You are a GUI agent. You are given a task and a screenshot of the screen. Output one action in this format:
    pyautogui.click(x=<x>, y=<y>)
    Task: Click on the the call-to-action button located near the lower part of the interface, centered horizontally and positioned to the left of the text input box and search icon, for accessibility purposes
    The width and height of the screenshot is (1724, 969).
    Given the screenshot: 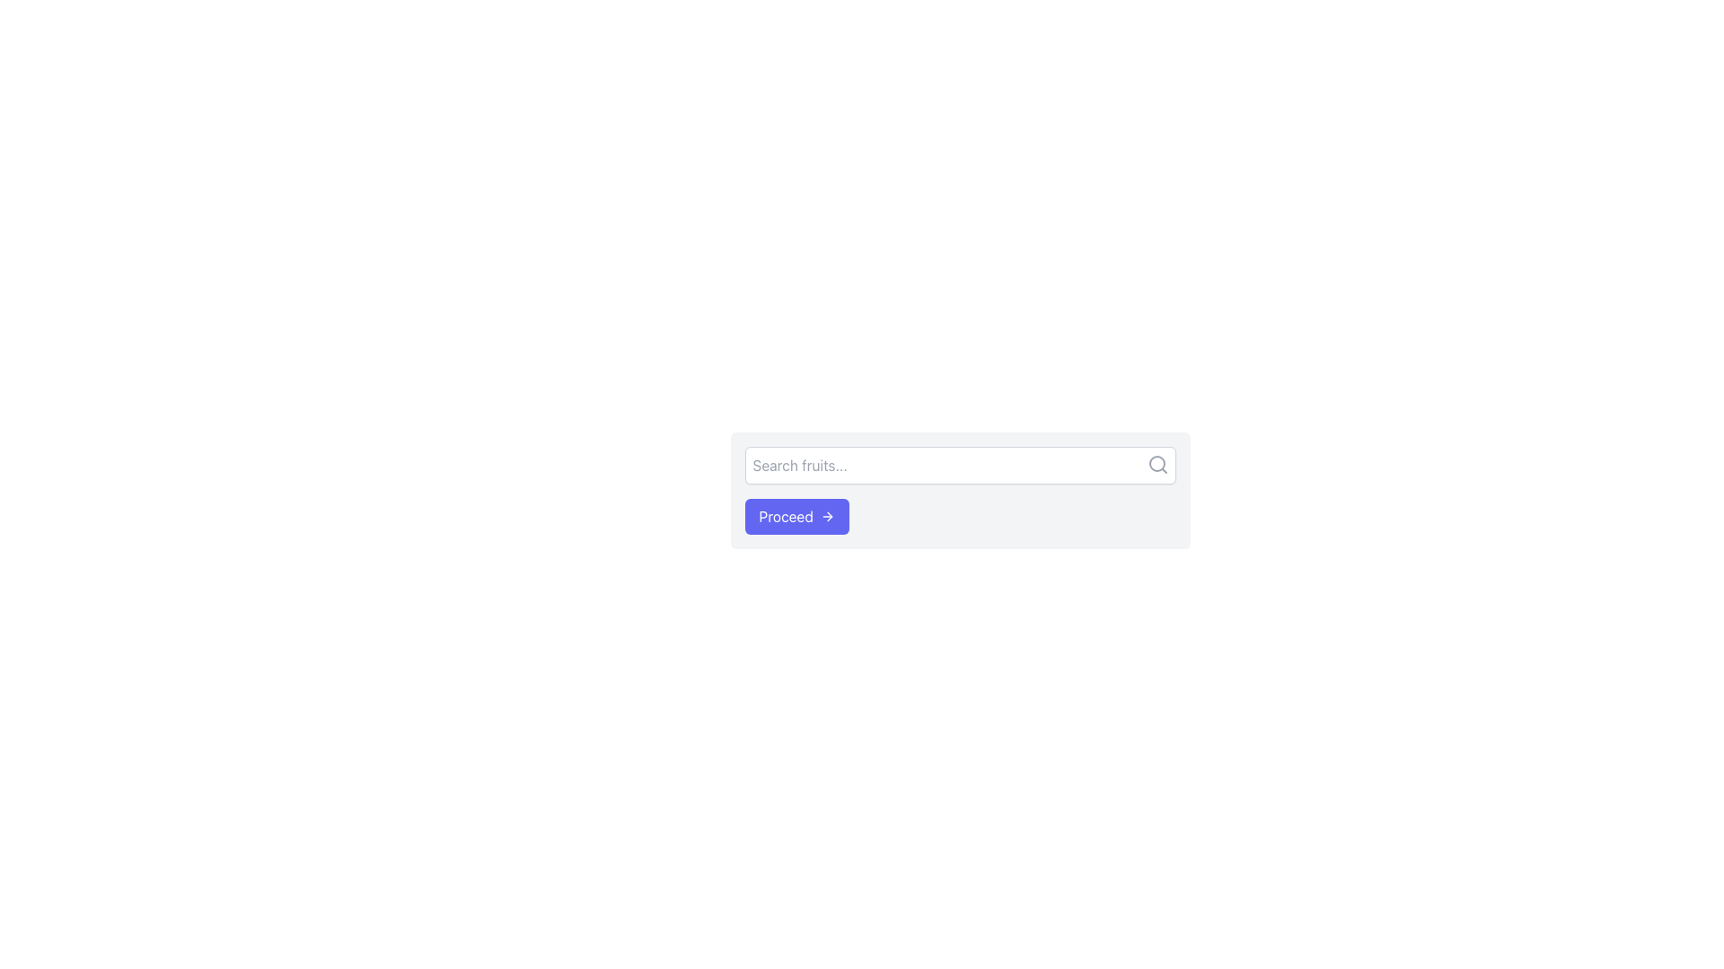 What is the action you would take?
    pyautogui.click(x=796, y=516)
    